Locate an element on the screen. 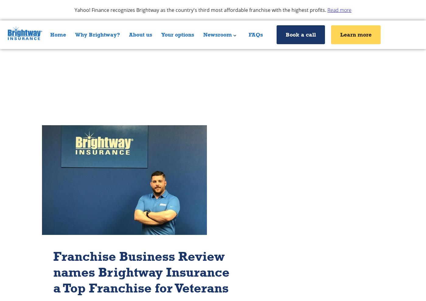 The height and width of the screenshot is (301, 426). 'Franchise Business Review names Brightway Insurance a Top Franchise for Veterans' is located at coordinates (141, 272).